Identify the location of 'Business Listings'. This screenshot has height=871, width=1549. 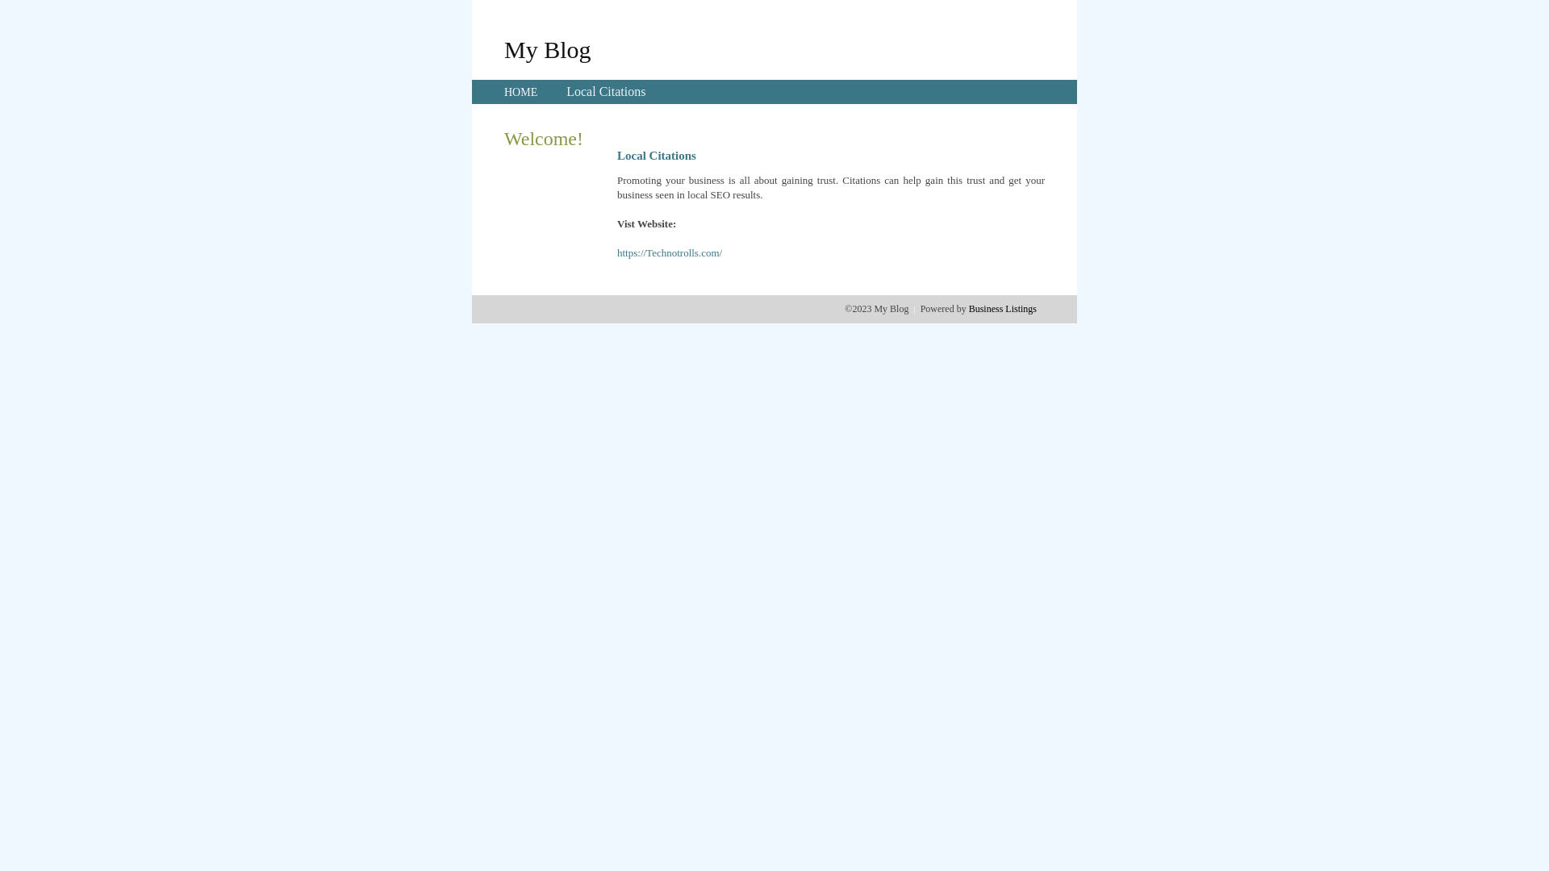
(1002, 308).